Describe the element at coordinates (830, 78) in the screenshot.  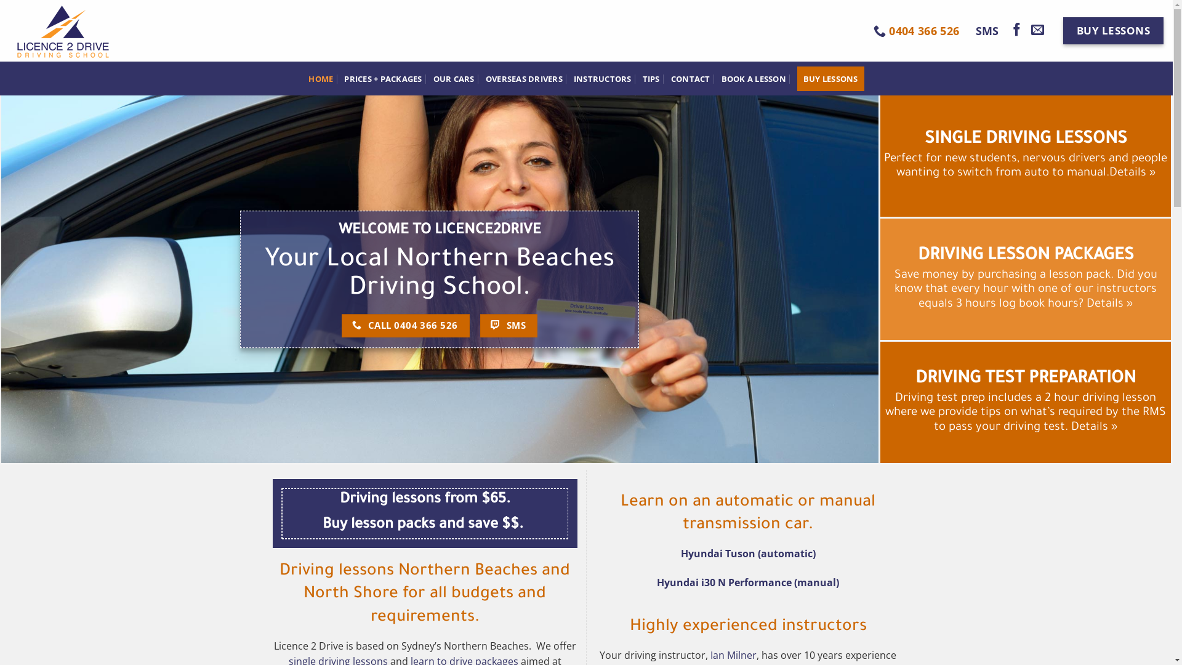
I see `'BUY LESSONS'` at that location.